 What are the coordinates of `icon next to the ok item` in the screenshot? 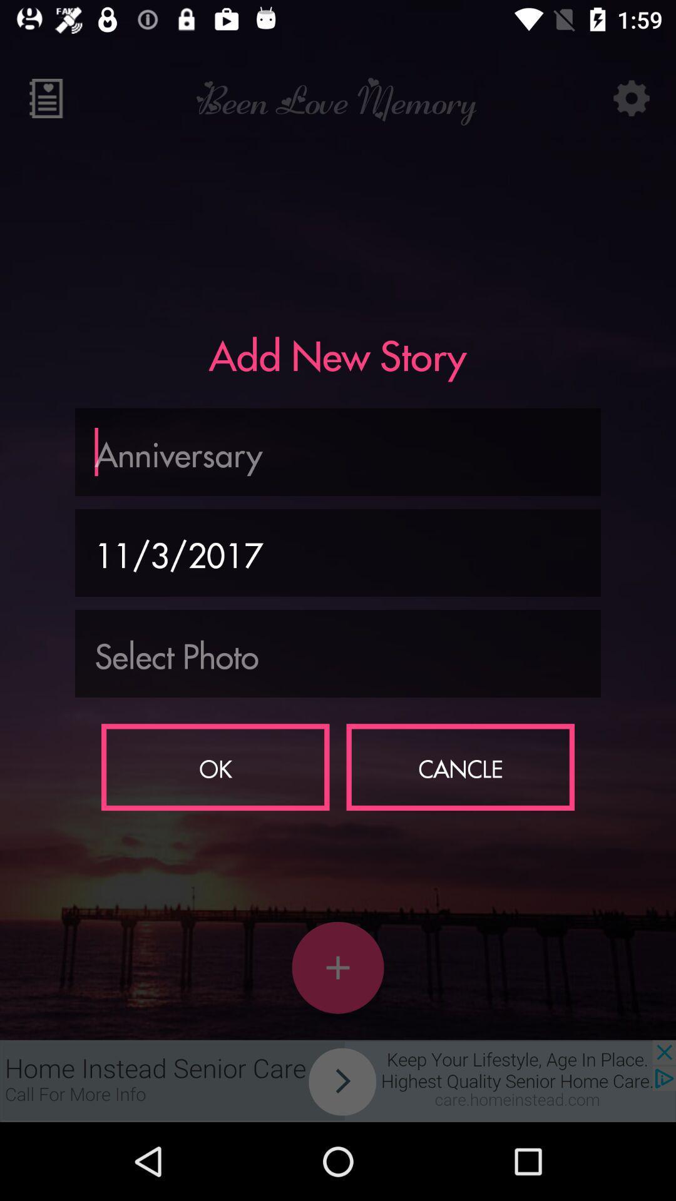 It's located at (460, 766).